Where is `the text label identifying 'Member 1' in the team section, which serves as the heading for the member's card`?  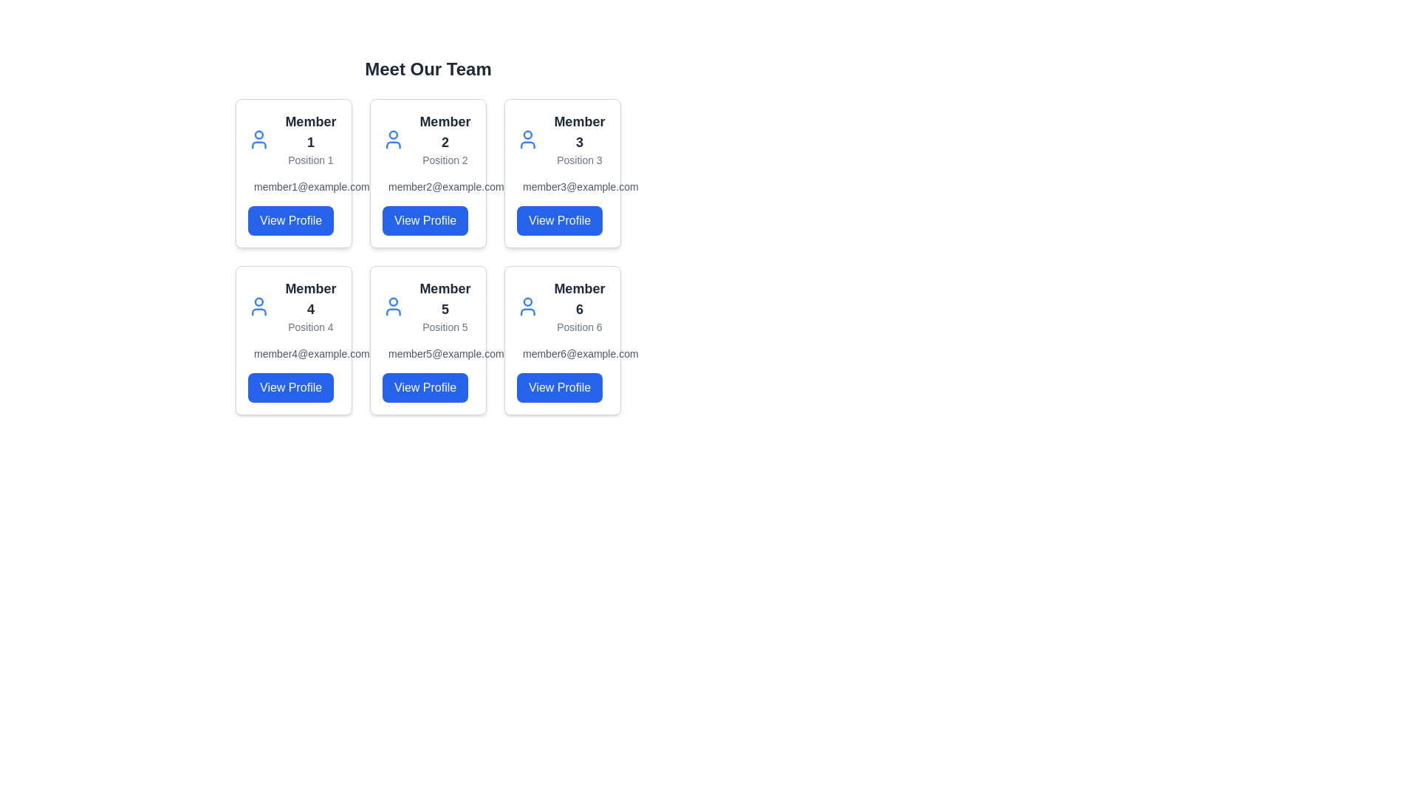
the text label identifying 'Member 1' in the team section, which serves as the heading for the member's card is located at coordinates (309, 131).